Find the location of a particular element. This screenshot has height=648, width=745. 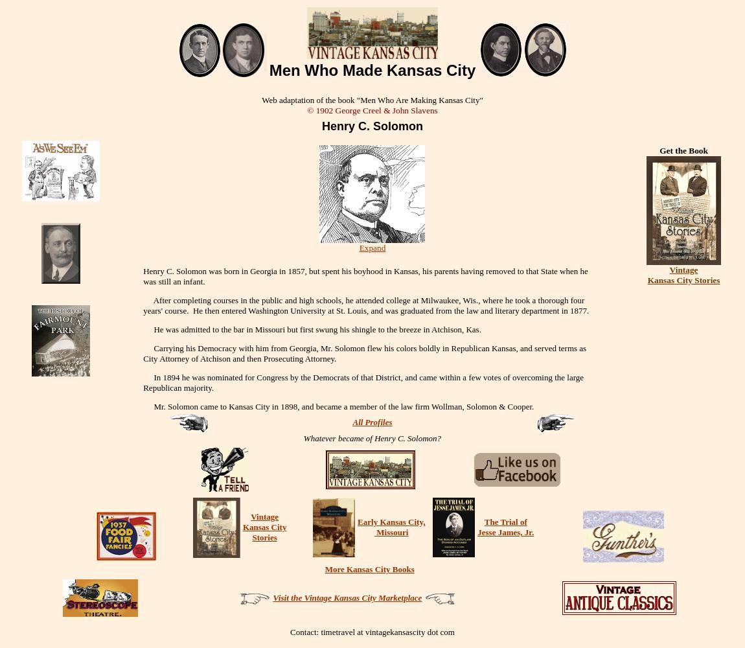

'Kansas City' is located at coordinates (242, 526).